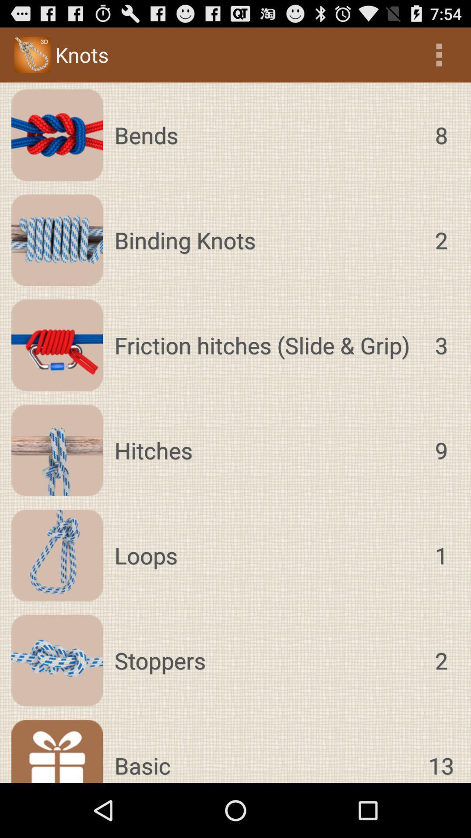  What do you see at coordinates (441, 555) in the screenshot?
I see `1 icon` at bounding box center [441, 555].